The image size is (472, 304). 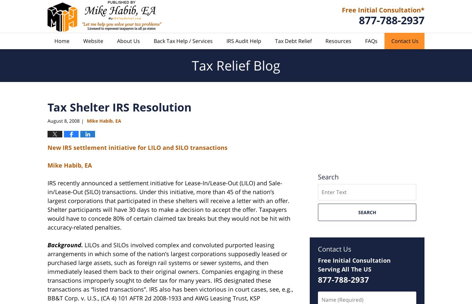 What do you see at coordinates (293, 40) in the screenshot?
I see `'Tax Debt Relief'` at bounding box center [293, 40].